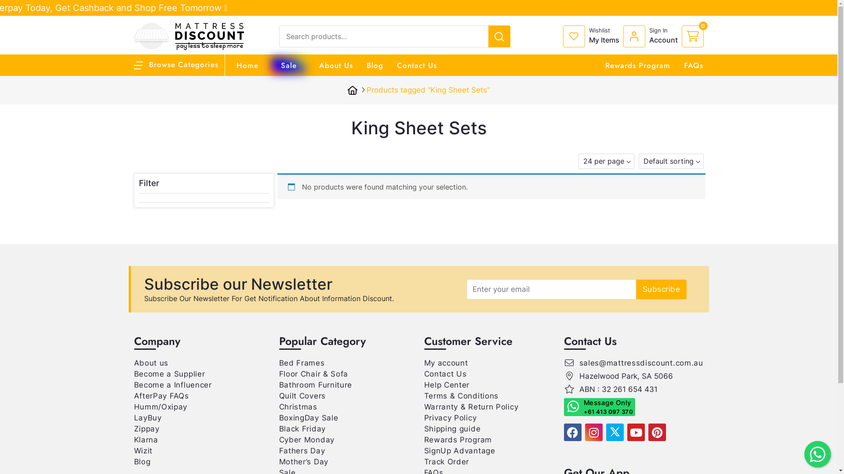  What do you see at coordinates (593, 36) in the screenshot?
I see `'Wishlist` at bounding box center [593, 36].